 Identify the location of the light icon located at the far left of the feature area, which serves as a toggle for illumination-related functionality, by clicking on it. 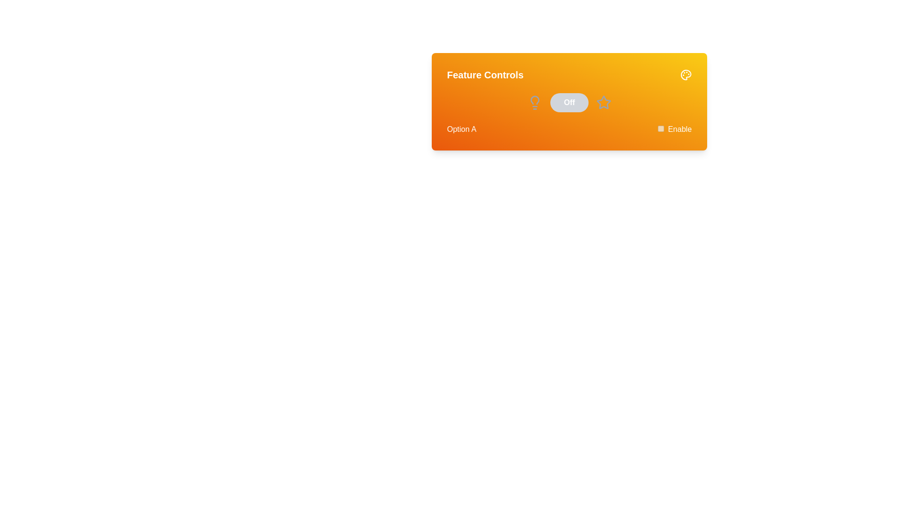
(534, 103).